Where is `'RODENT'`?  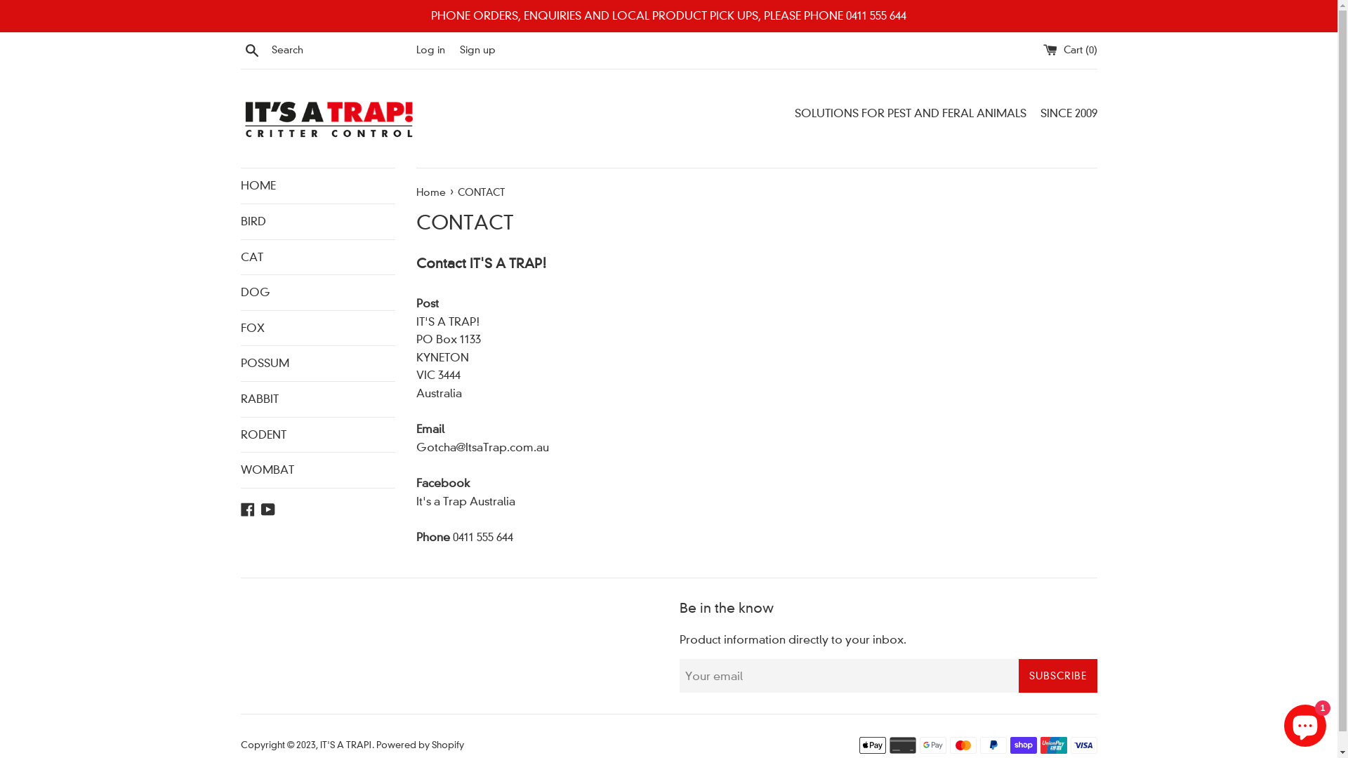 'RODENT' is located at coordinates (316, 433).